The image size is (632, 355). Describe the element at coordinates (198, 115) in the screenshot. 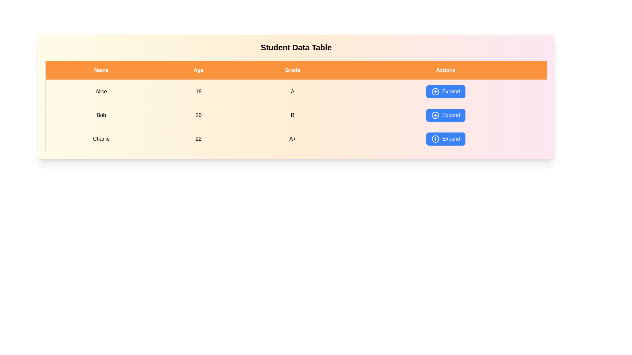

I see `numeric value '20' displayed in plain text style in the 'Age' column for Bob's row, which is located in the second cell beneath the 'Age' column header` at that location.